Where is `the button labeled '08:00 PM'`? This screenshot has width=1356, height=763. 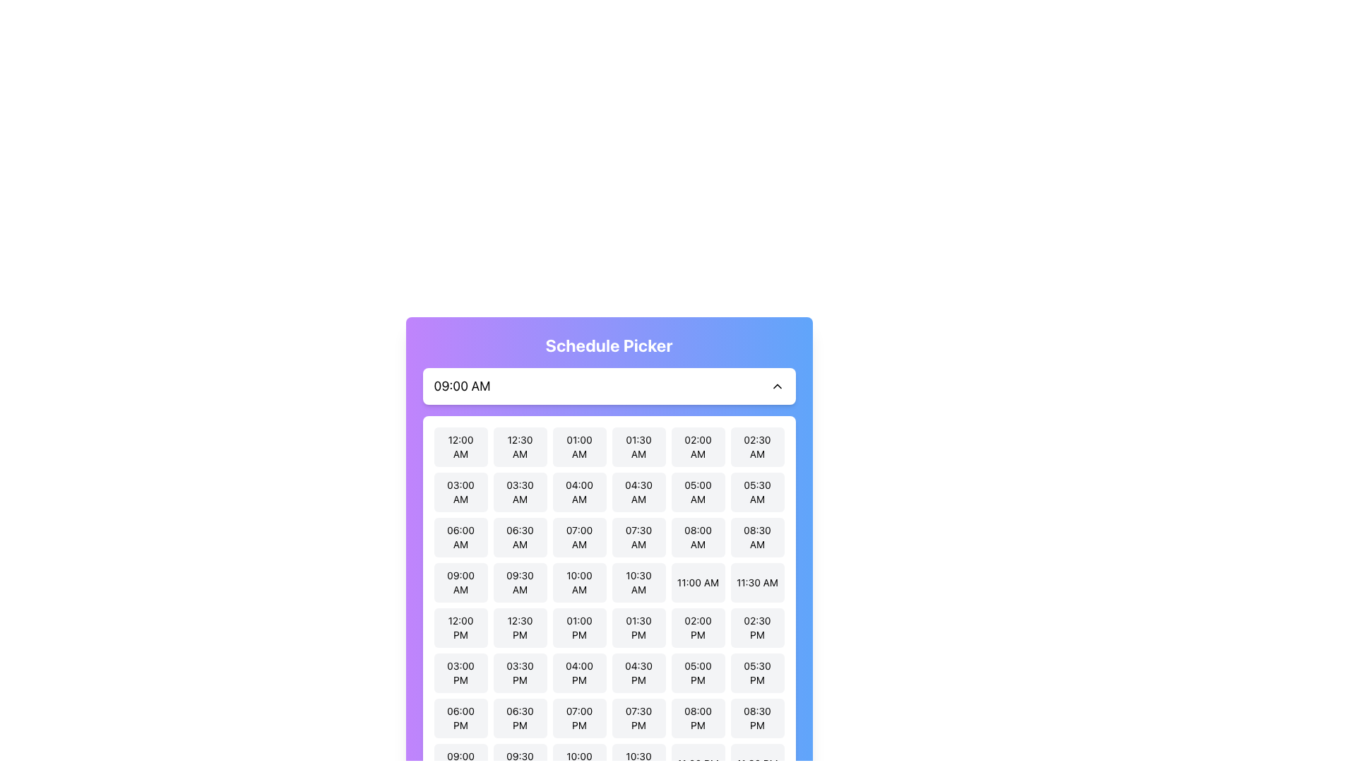
the button labeled '08:00 PM' is located at coordinates (698, 718).